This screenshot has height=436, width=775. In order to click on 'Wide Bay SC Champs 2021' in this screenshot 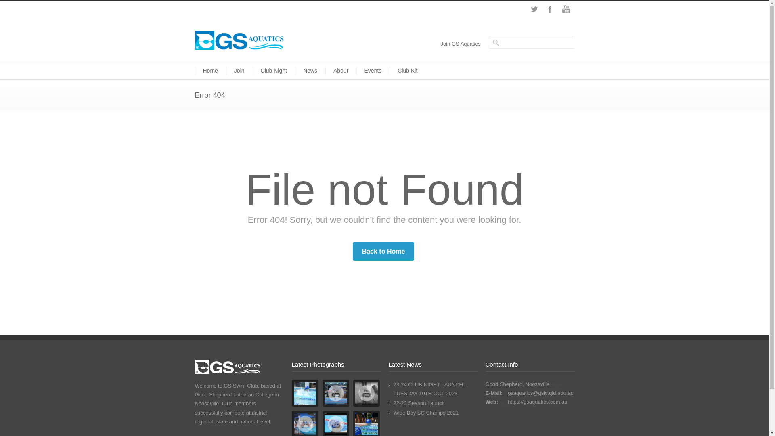, I will do `click(393, 413)`.